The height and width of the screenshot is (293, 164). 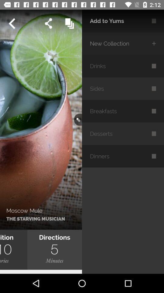 What do you see at coordinates (48, 24) in the screenshot?
I see `share on social media` at bounding box center [48, 24].